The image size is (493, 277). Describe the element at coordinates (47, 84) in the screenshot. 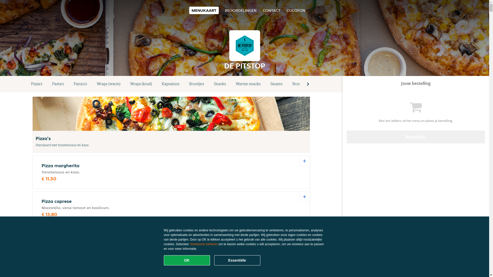

I see `'Pasta's'` at that location.